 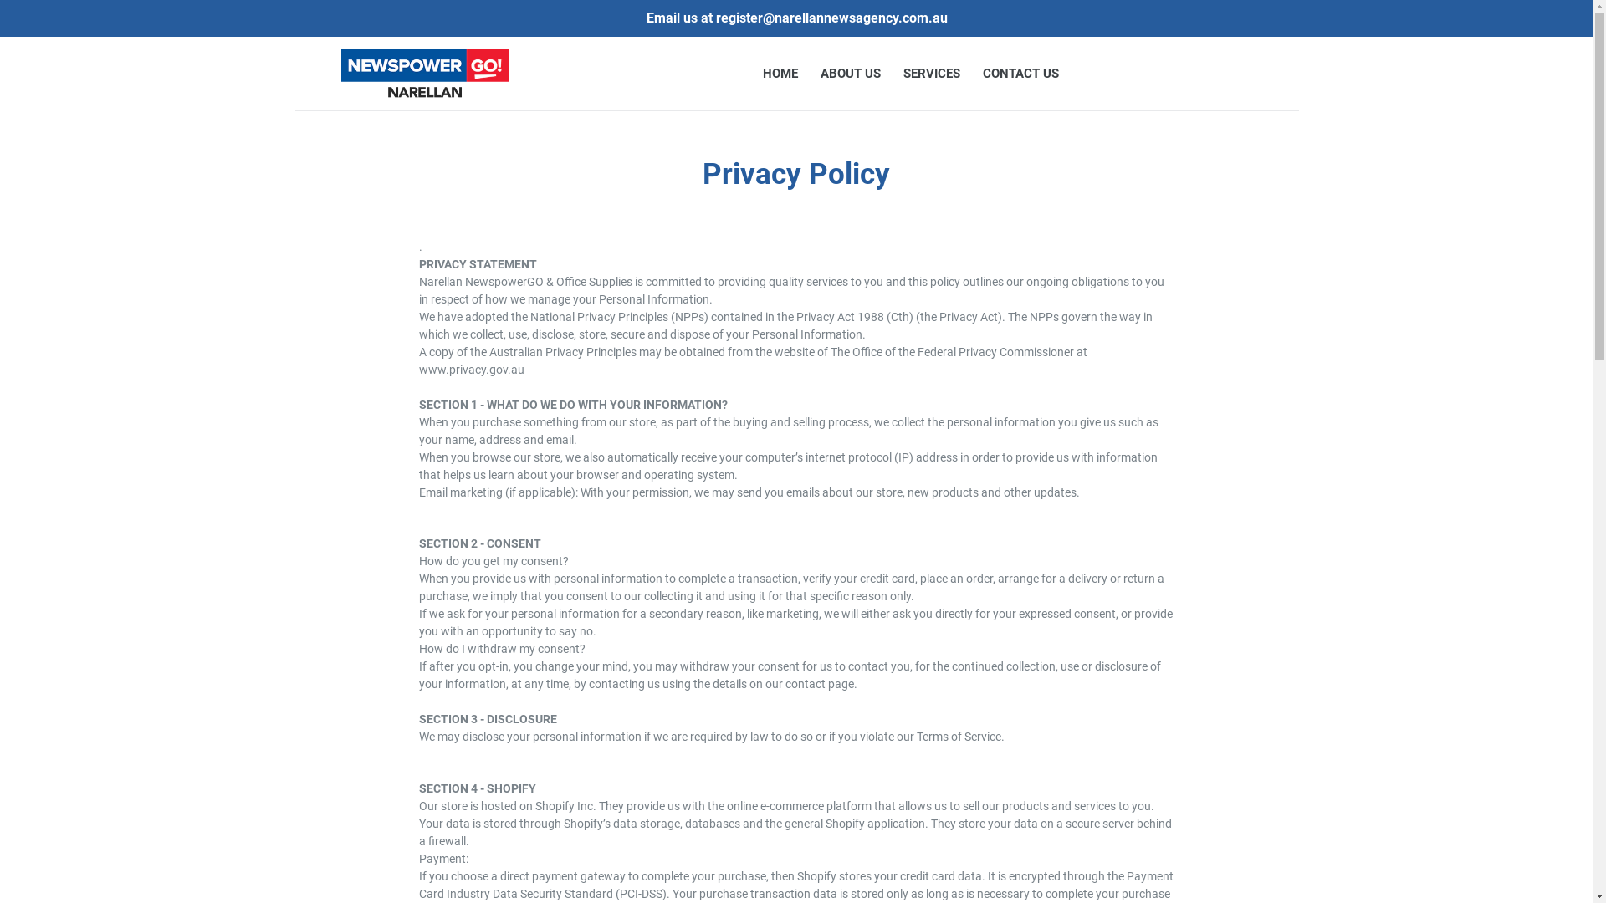 What do you see at coordinates (851, 73) in the screenshot?
I see `'ABOUT US'` at bounding box center [851, 73].